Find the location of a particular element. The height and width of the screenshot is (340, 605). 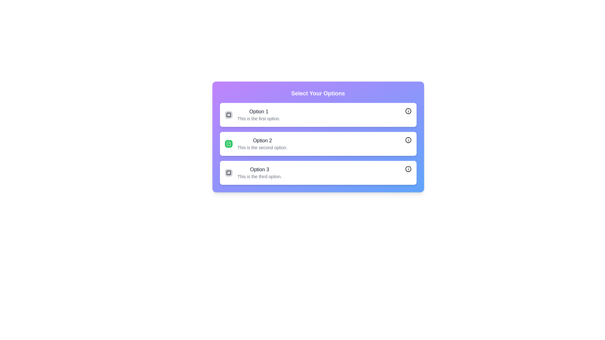

the circle graphical element that represents 'Option 3', located adjacent to the descriptive text is located at coordinates (408, 168).